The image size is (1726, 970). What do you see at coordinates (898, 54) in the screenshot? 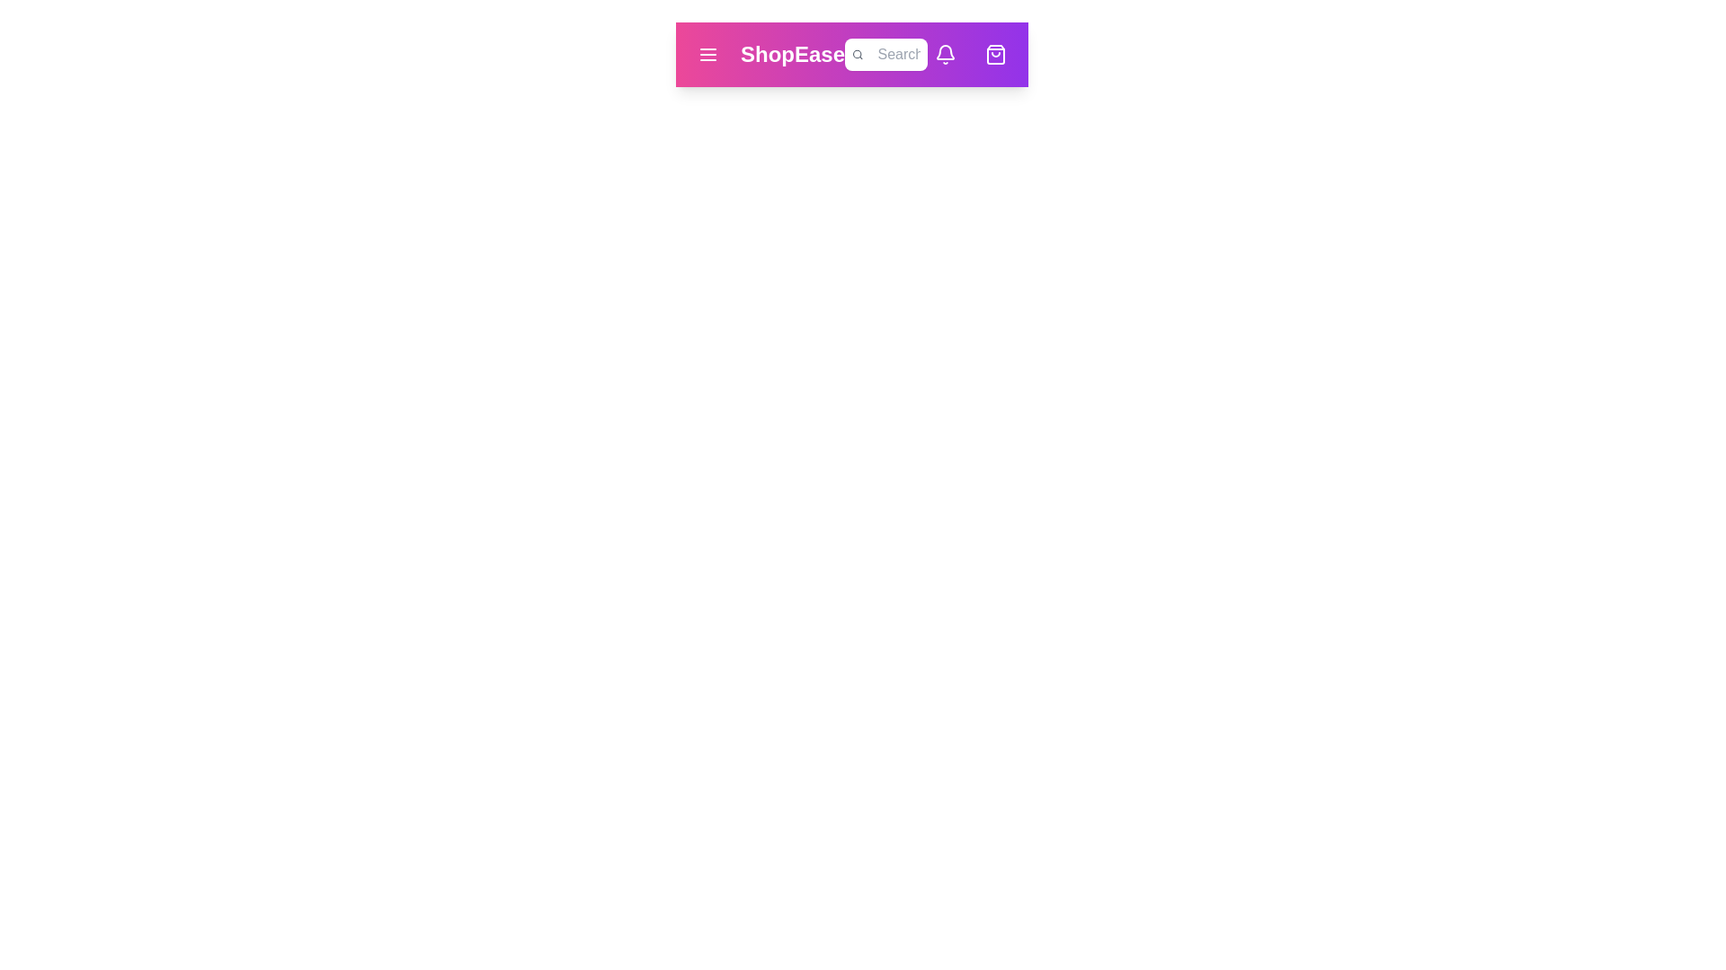
I see `the search bar and type the desired query` at bounding box center [898, 54].